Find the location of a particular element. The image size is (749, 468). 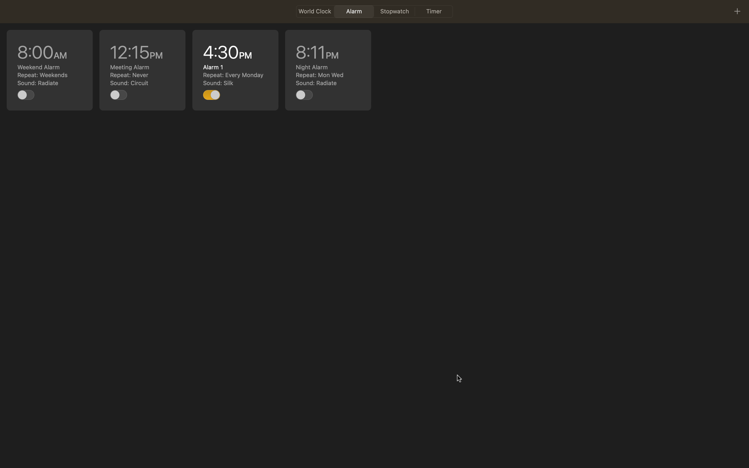

Utilize the plus icon for adding a new task is located at coordinates (737, 11).